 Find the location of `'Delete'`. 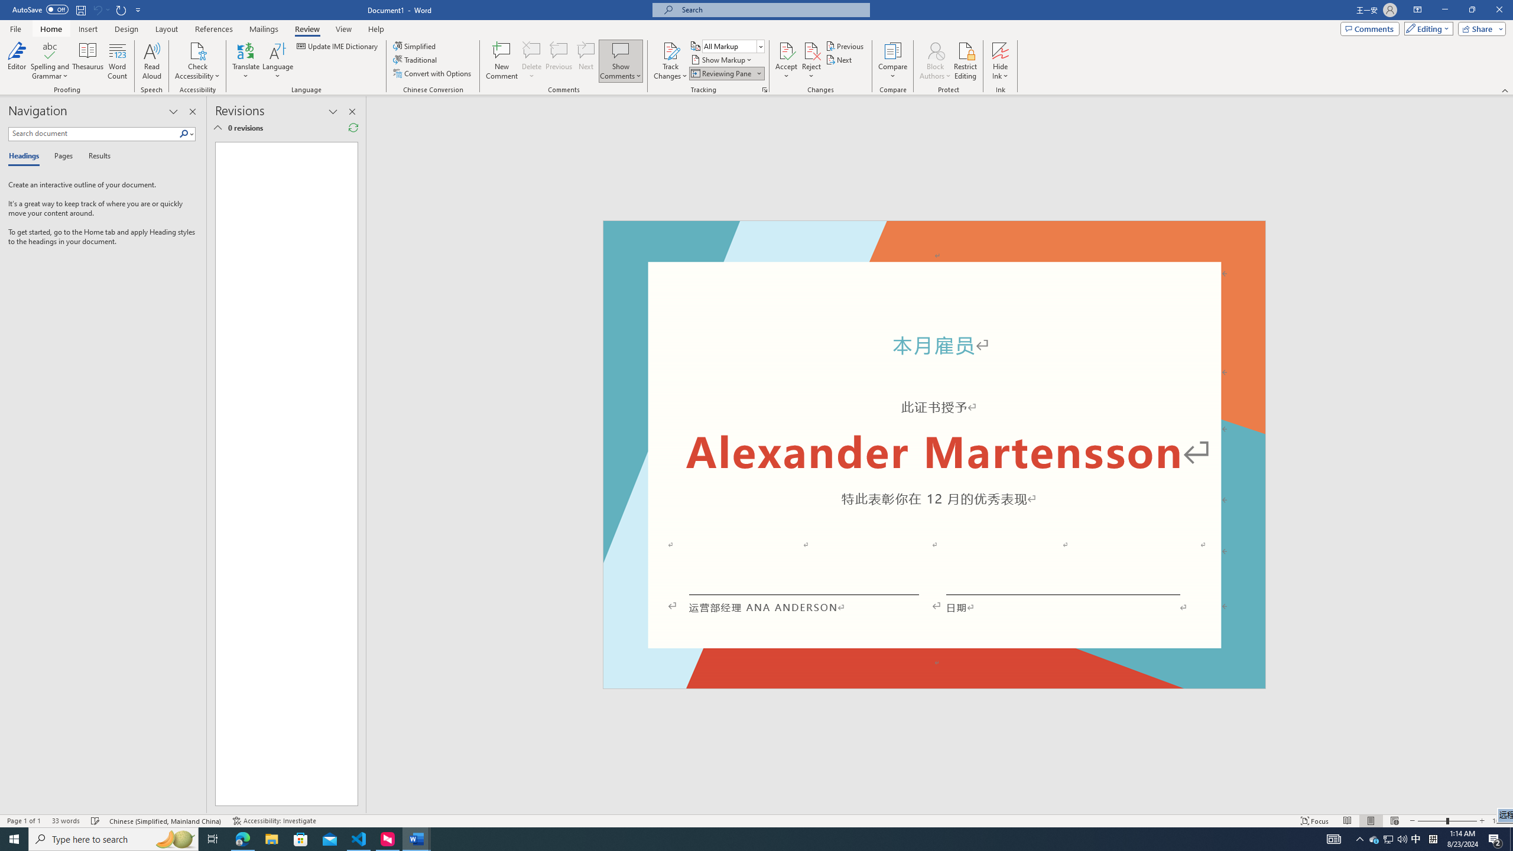

'Delete' is located at coordinates (531, 50).